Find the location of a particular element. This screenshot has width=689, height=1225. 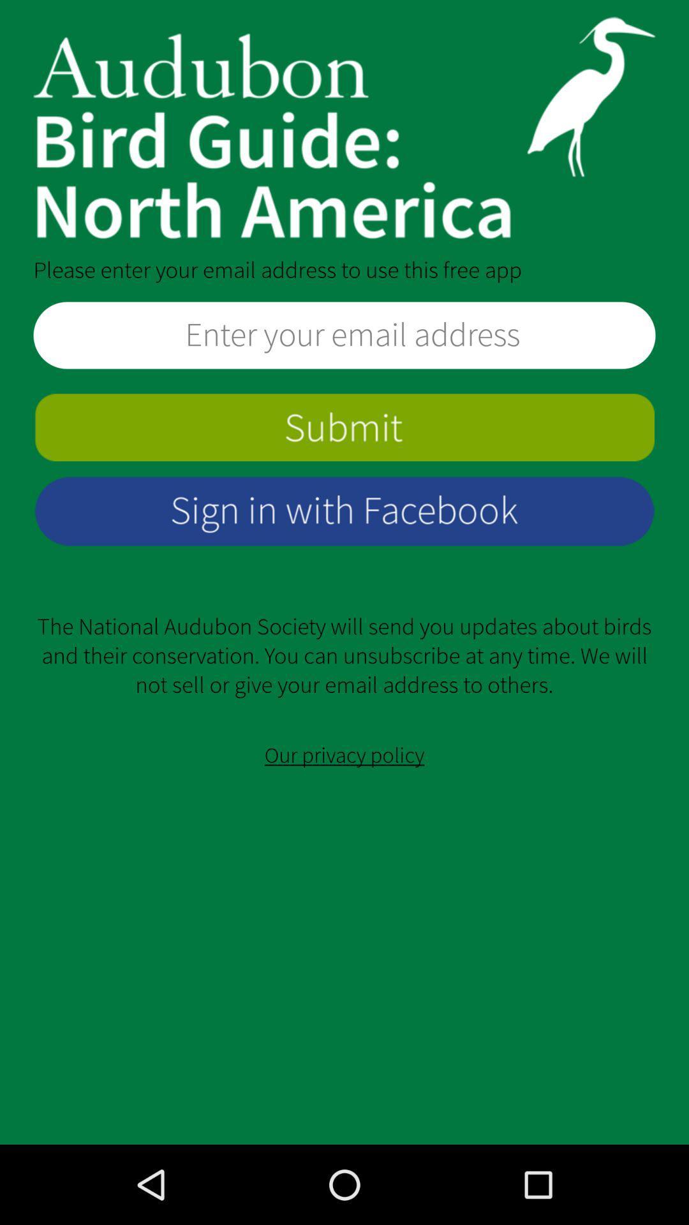

the our privacy policy item is located at coordinates (344, 755).